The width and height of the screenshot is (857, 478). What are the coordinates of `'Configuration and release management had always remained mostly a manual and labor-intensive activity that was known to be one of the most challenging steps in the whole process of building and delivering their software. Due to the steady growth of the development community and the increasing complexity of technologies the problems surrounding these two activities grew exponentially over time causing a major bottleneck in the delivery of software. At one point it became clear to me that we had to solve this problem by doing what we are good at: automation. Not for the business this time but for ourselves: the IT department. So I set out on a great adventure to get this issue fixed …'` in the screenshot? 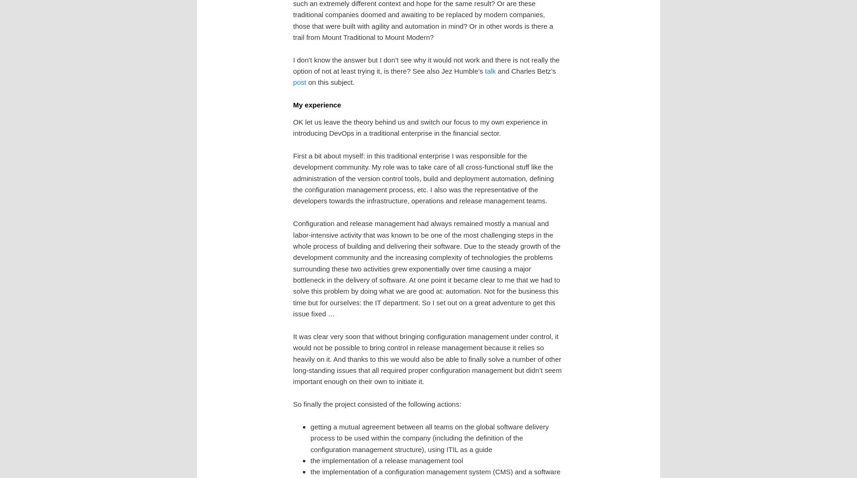 It's located at (426, 268).